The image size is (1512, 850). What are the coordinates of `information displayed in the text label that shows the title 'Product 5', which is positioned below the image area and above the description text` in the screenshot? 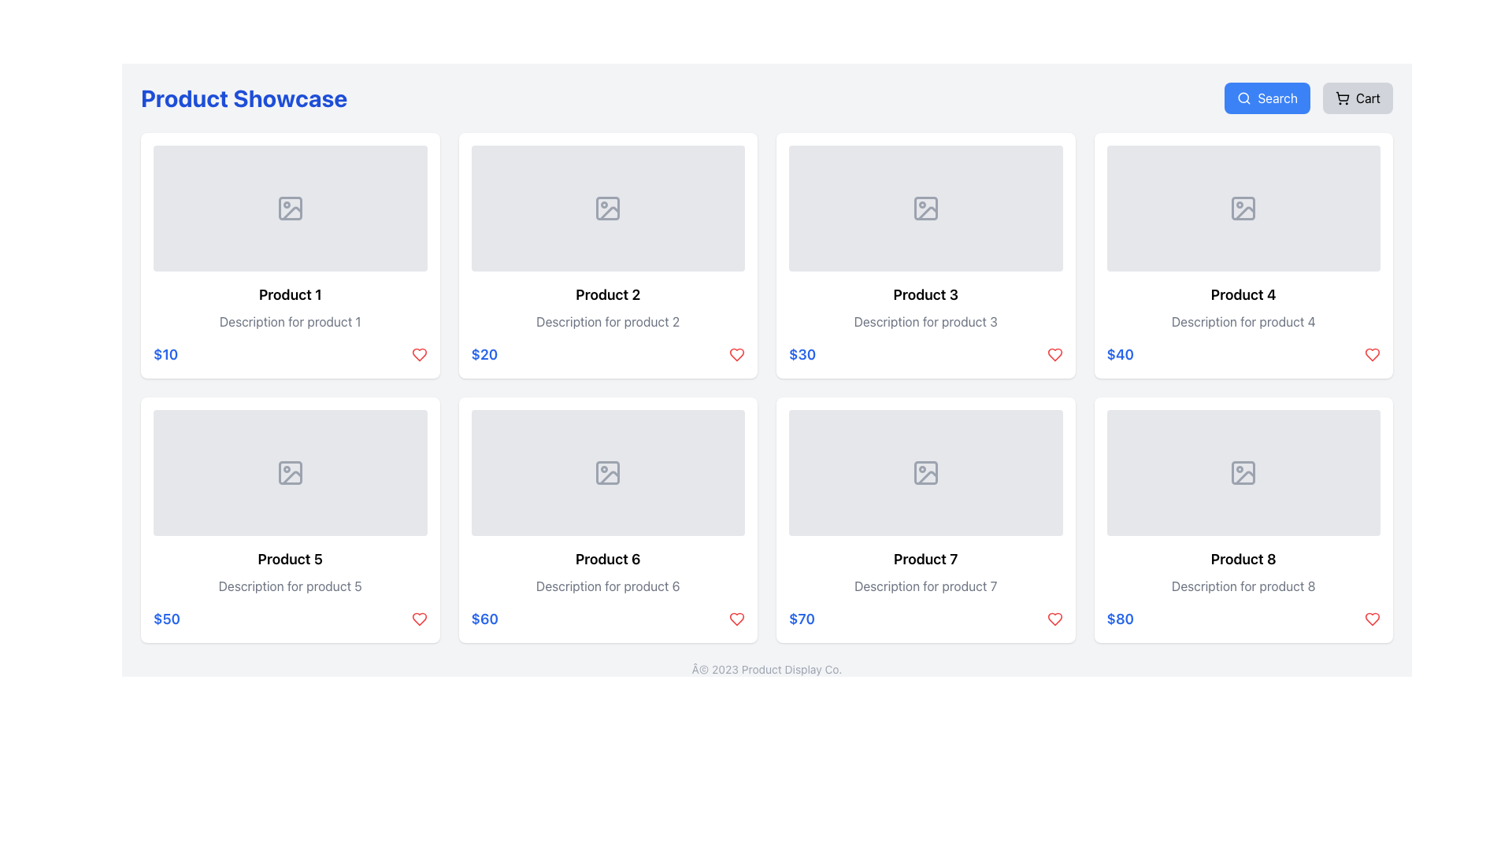 It's located at (290, 558).